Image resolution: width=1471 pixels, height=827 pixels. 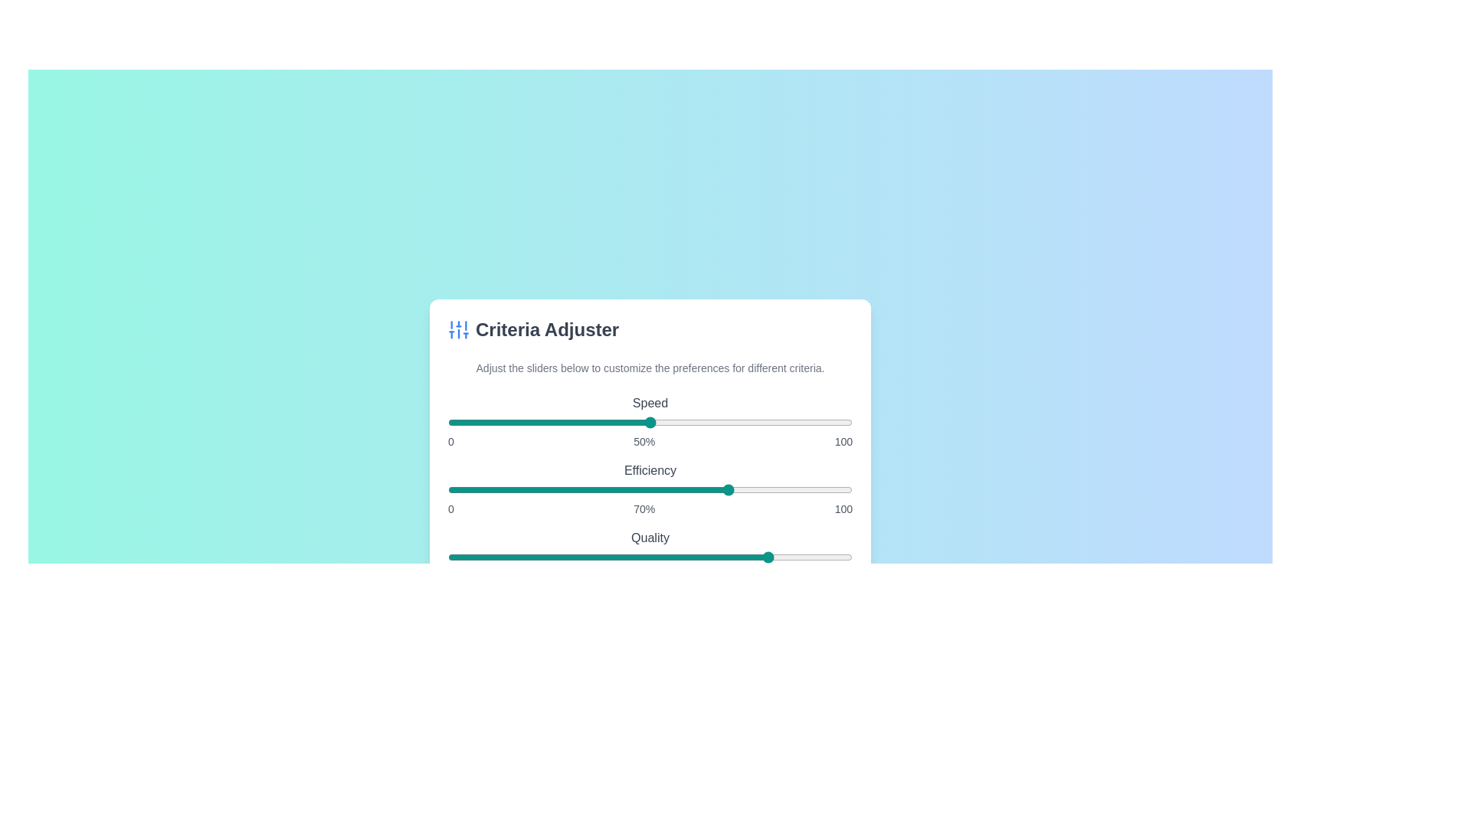 I want to click on the 'Speed' slider to 47%, so click(x=638, y=422).